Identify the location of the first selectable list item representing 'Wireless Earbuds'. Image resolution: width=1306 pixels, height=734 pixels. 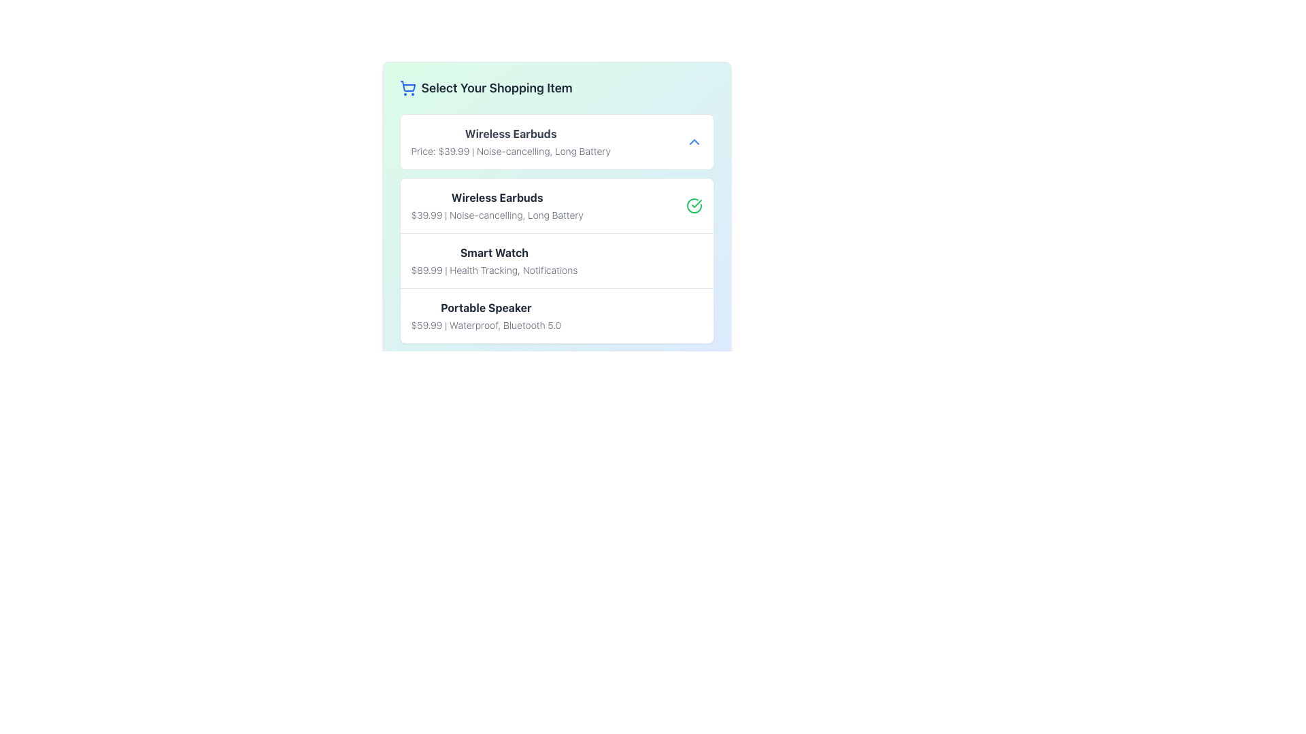
(556, 206).